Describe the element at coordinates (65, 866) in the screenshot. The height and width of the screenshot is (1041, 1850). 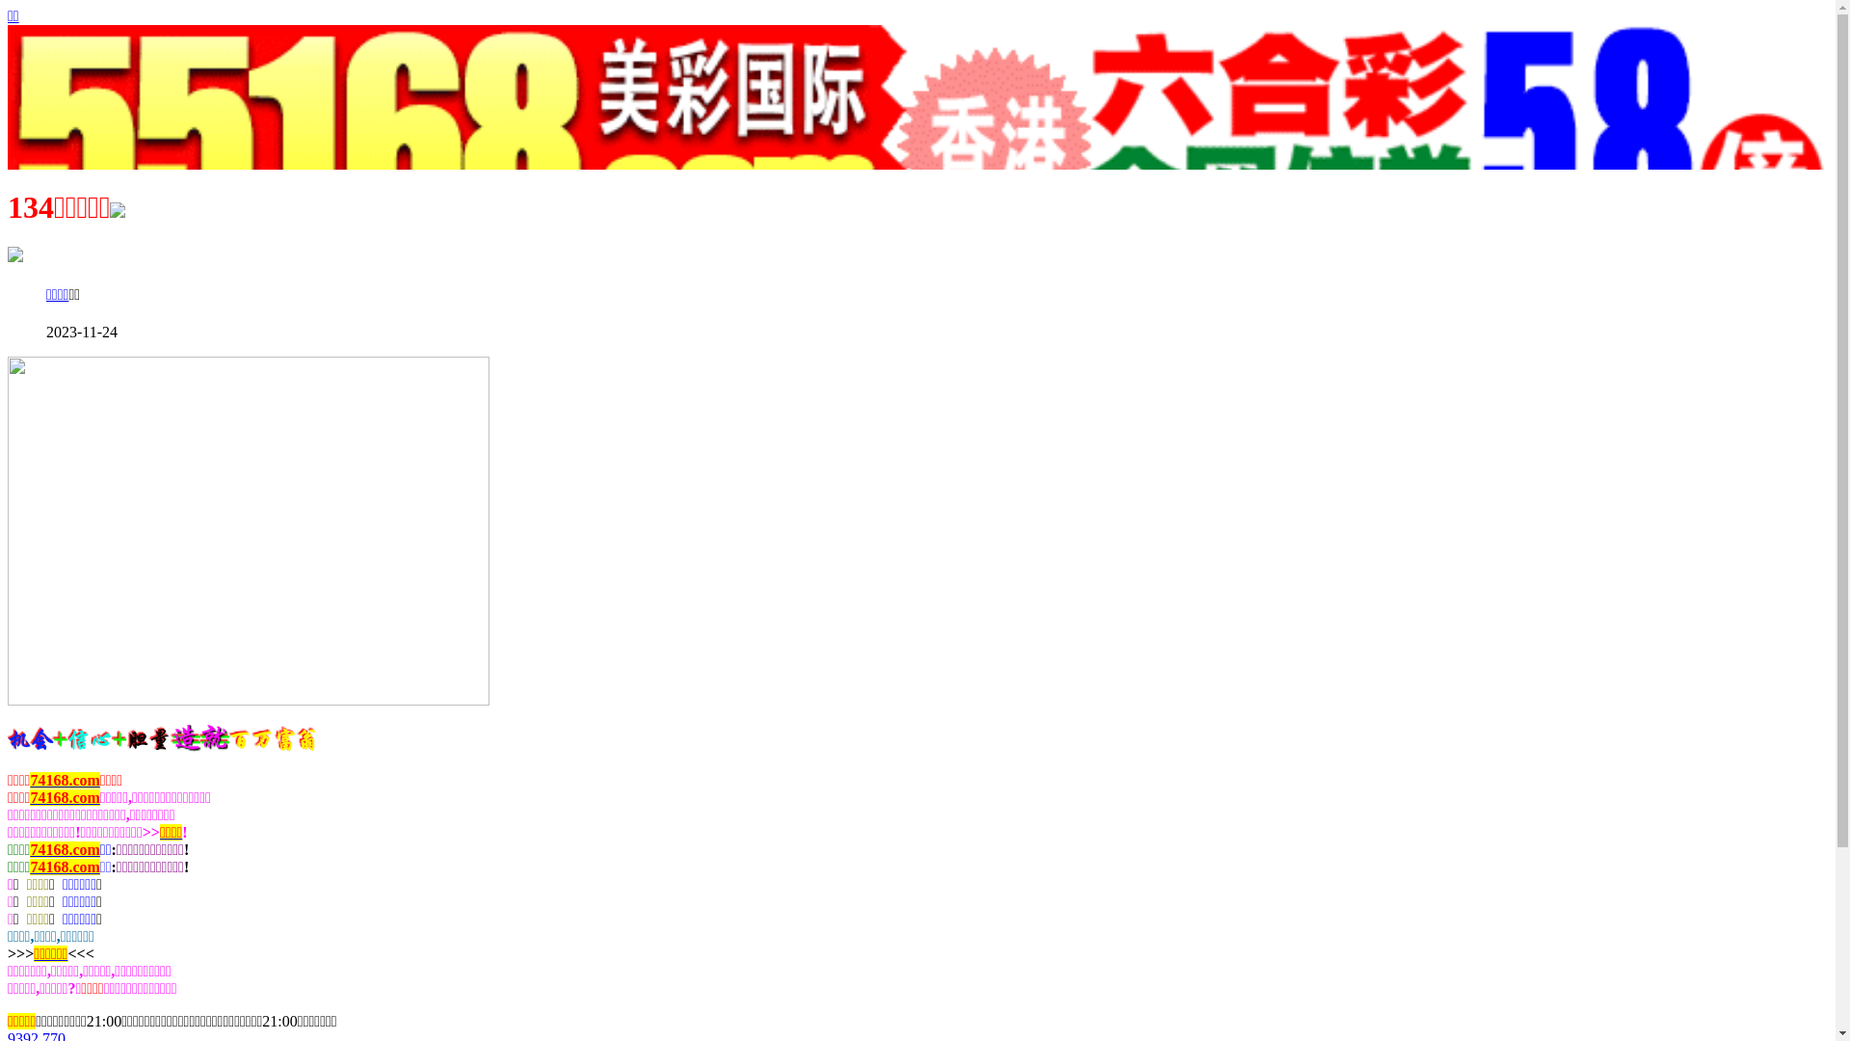
I see `'74168.com'` at that location.